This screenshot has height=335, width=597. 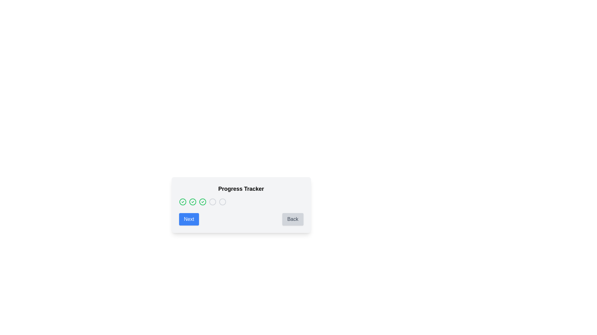 What do you see at coordinates (192, 202) in the screenshot?
I see `the second green circular outline indicator within the progress tracker, which signifies a task's completion or status` at bounding box center [192, 202].